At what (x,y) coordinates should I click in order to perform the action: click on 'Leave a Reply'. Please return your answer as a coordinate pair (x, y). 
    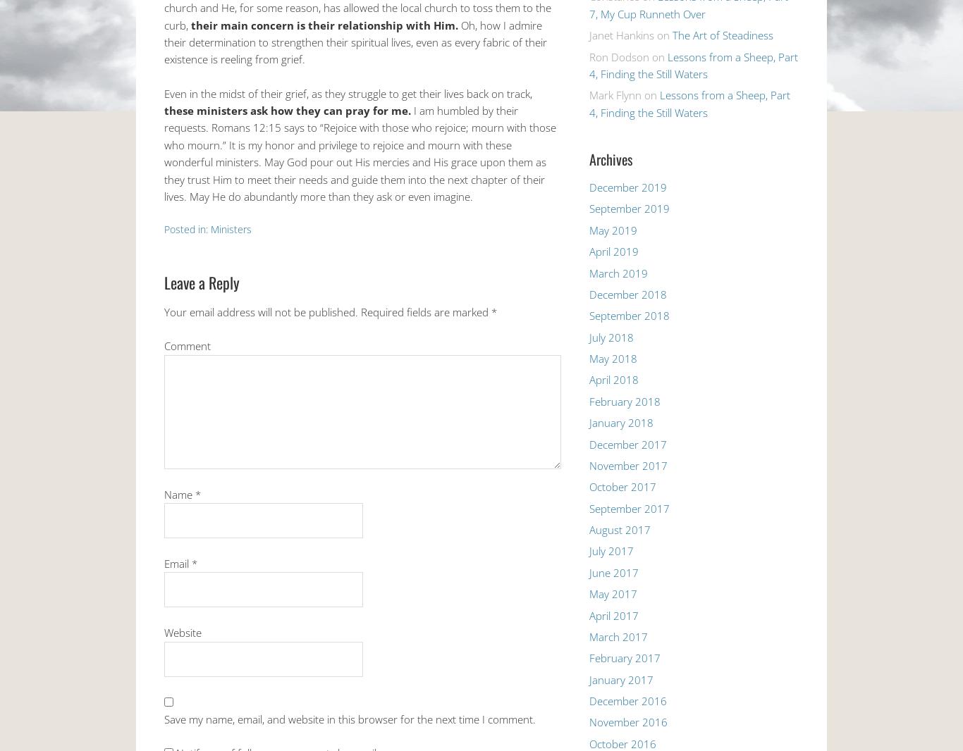
    Looking at the image, I should click on (202, 283).